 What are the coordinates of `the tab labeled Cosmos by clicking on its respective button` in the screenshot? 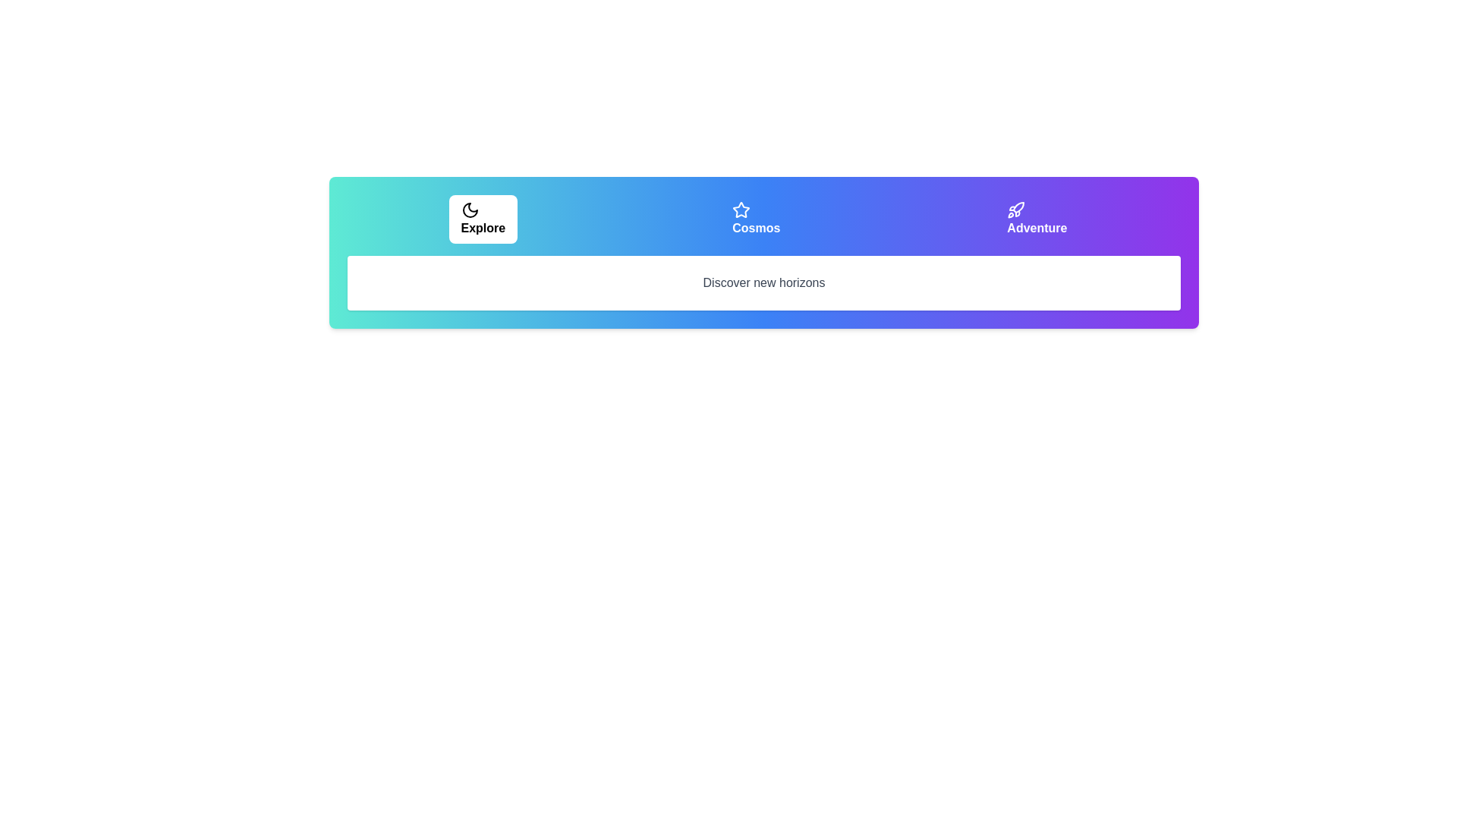 It's located at (756, 219).